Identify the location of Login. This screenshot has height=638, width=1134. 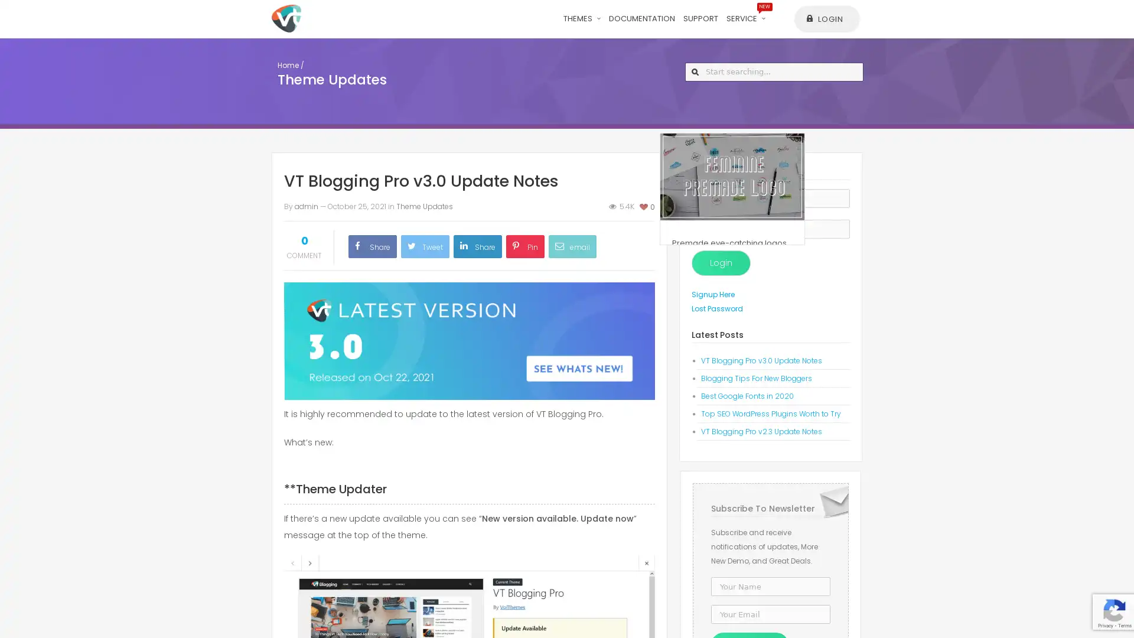
(720, 262).